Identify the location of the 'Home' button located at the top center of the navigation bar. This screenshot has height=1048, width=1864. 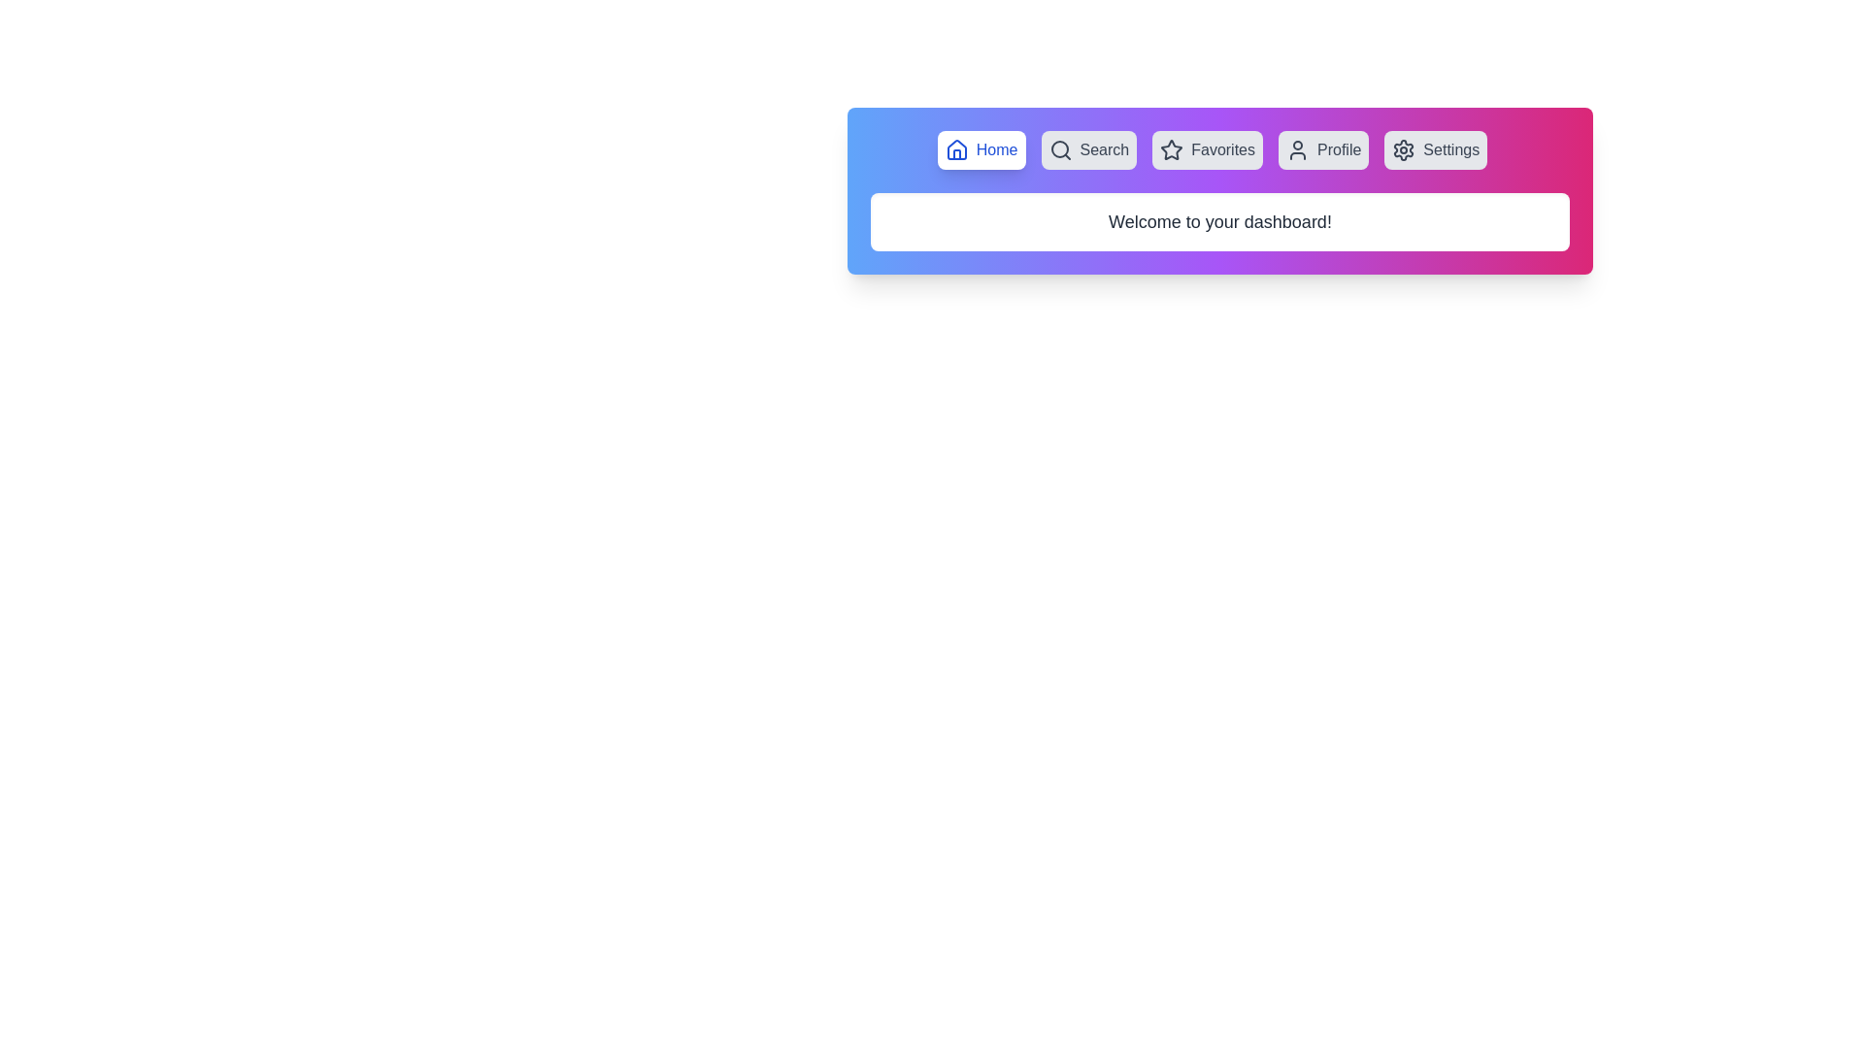
(982, 148).